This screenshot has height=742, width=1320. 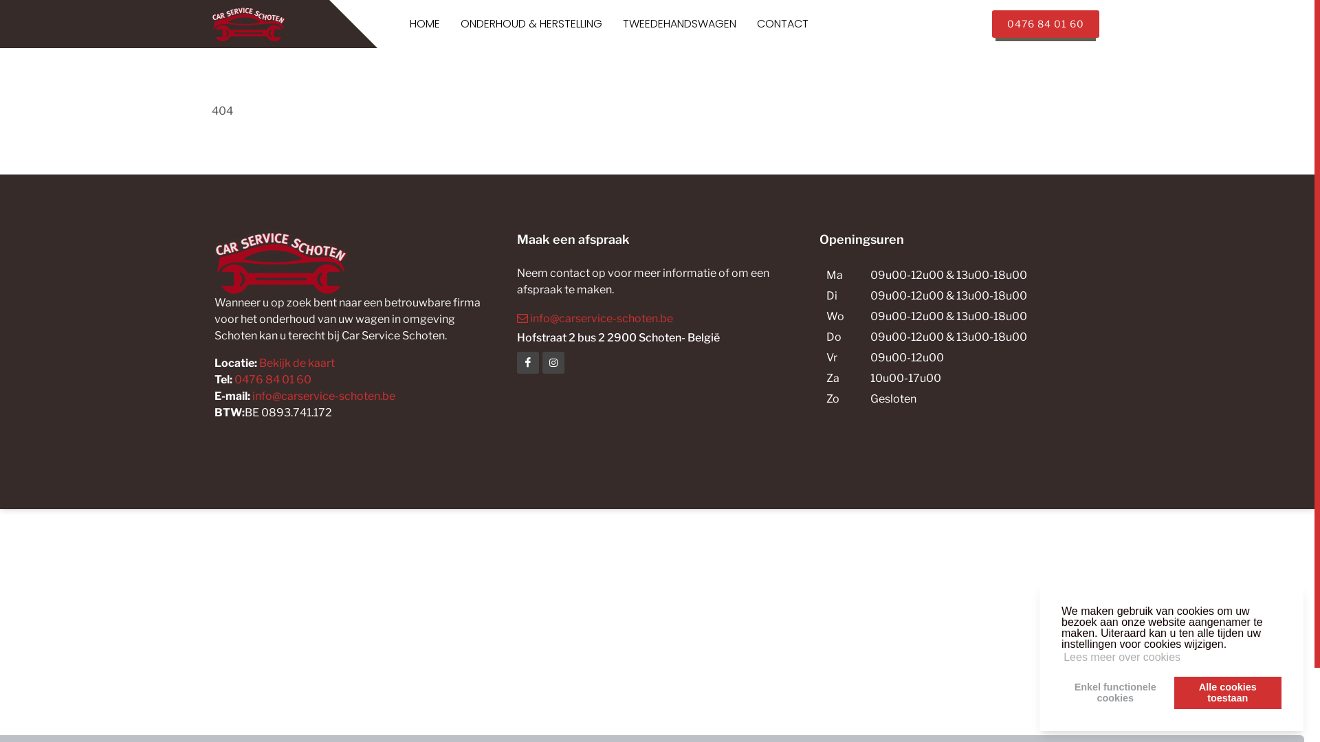 What do you see at coordinates (424, 23) in the screenshot?
I see `'HOME'` at bounding box center [424, 23].